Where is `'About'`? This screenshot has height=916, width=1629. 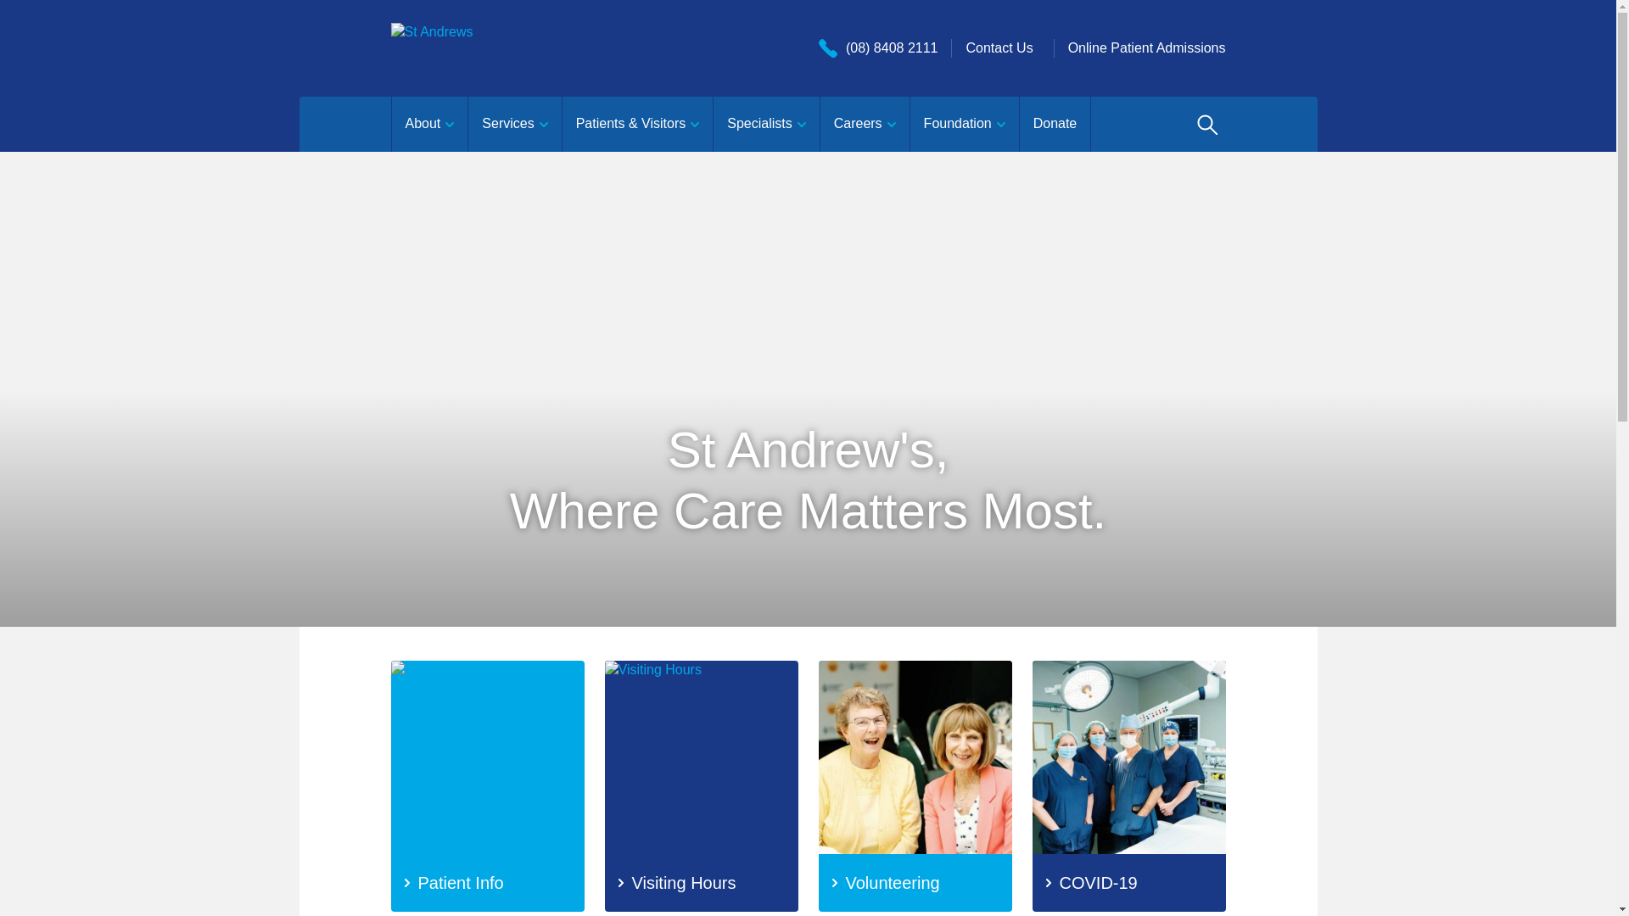
'About' is located at coordinates (428, 123).